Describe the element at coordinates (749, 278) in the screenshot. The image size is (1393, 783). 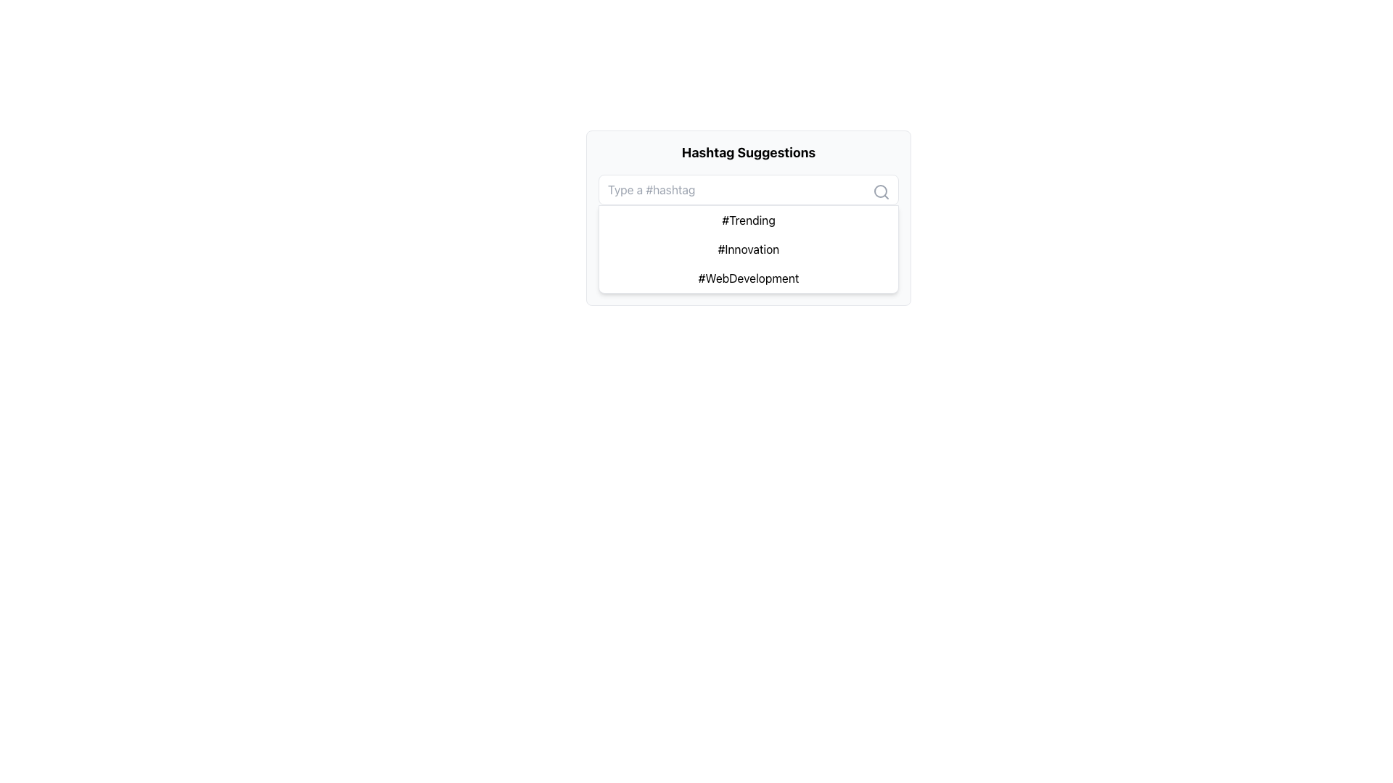
I see `the hashtag suggestion element labeled '#WebDevelopment'` at that location.